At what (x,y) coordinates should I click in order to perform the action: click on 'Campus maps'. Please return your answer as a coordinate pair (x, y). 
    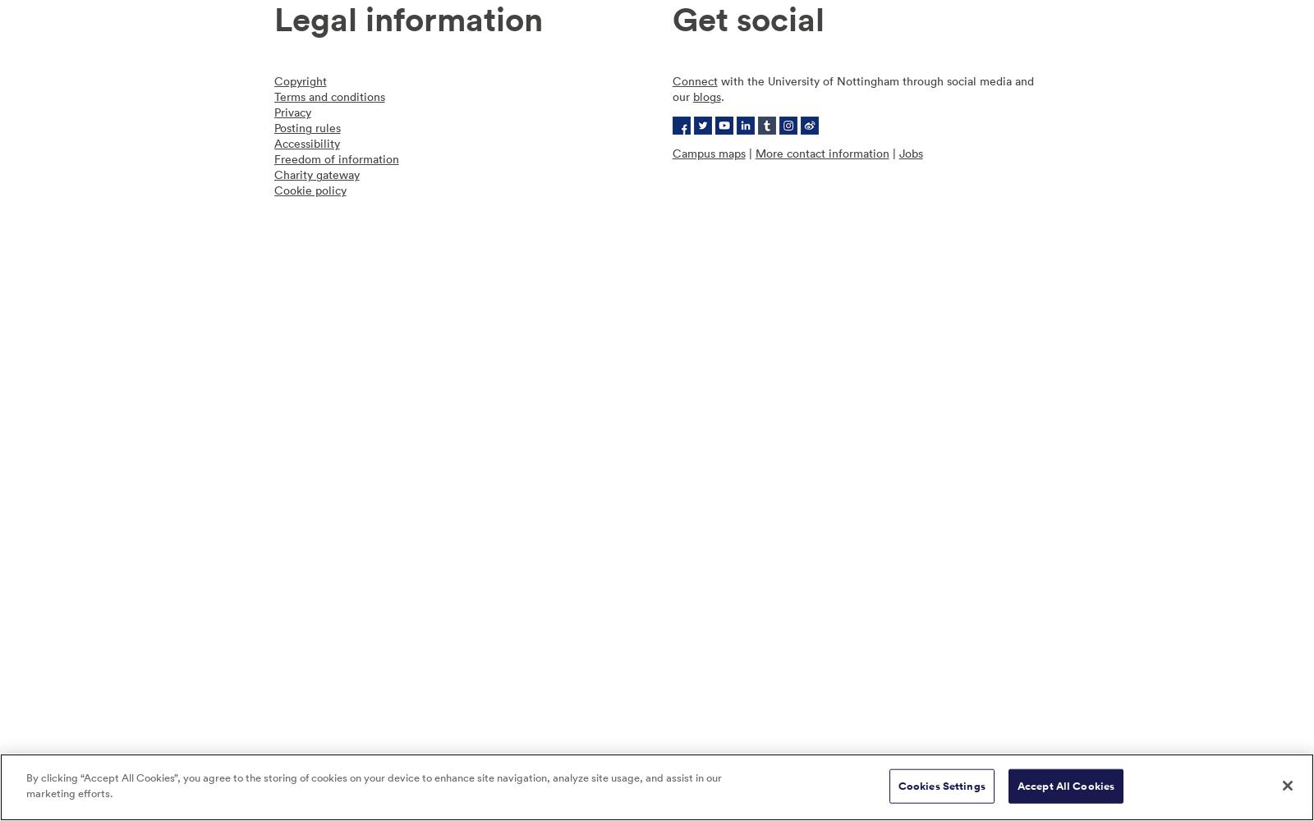
    Looking at the image, I should click on (707, 153).